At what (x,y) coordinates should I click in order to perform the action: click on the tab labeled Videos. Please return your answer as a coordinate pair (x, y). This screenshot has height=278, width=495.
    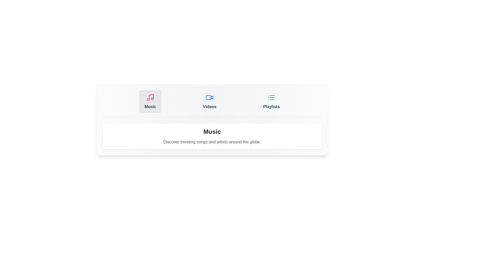
    Looking at the image, I should click on (209, 101).